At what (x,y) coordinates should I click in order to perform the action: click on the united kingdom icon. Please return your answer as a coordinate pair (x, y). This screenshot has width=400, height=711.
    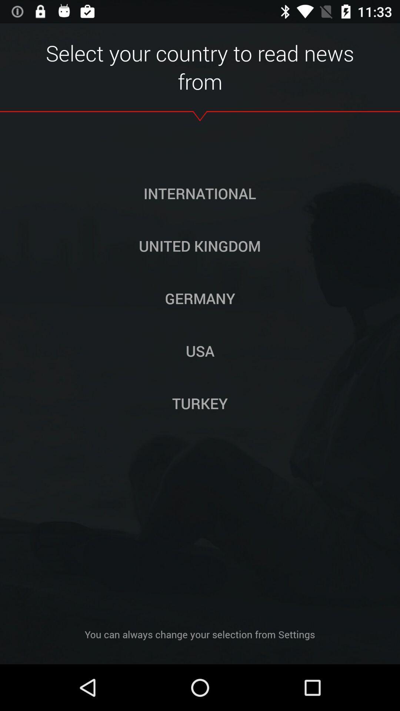
    Looking at the image, I should click on (199, 246).